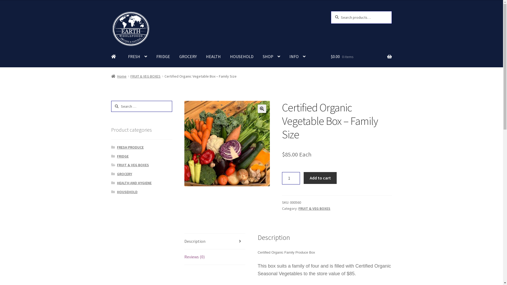 The width and height of the screenshot is (507, 285). Describe the element at coordinates (215, 241) in the screenshot. I see `'Description'` at that location.